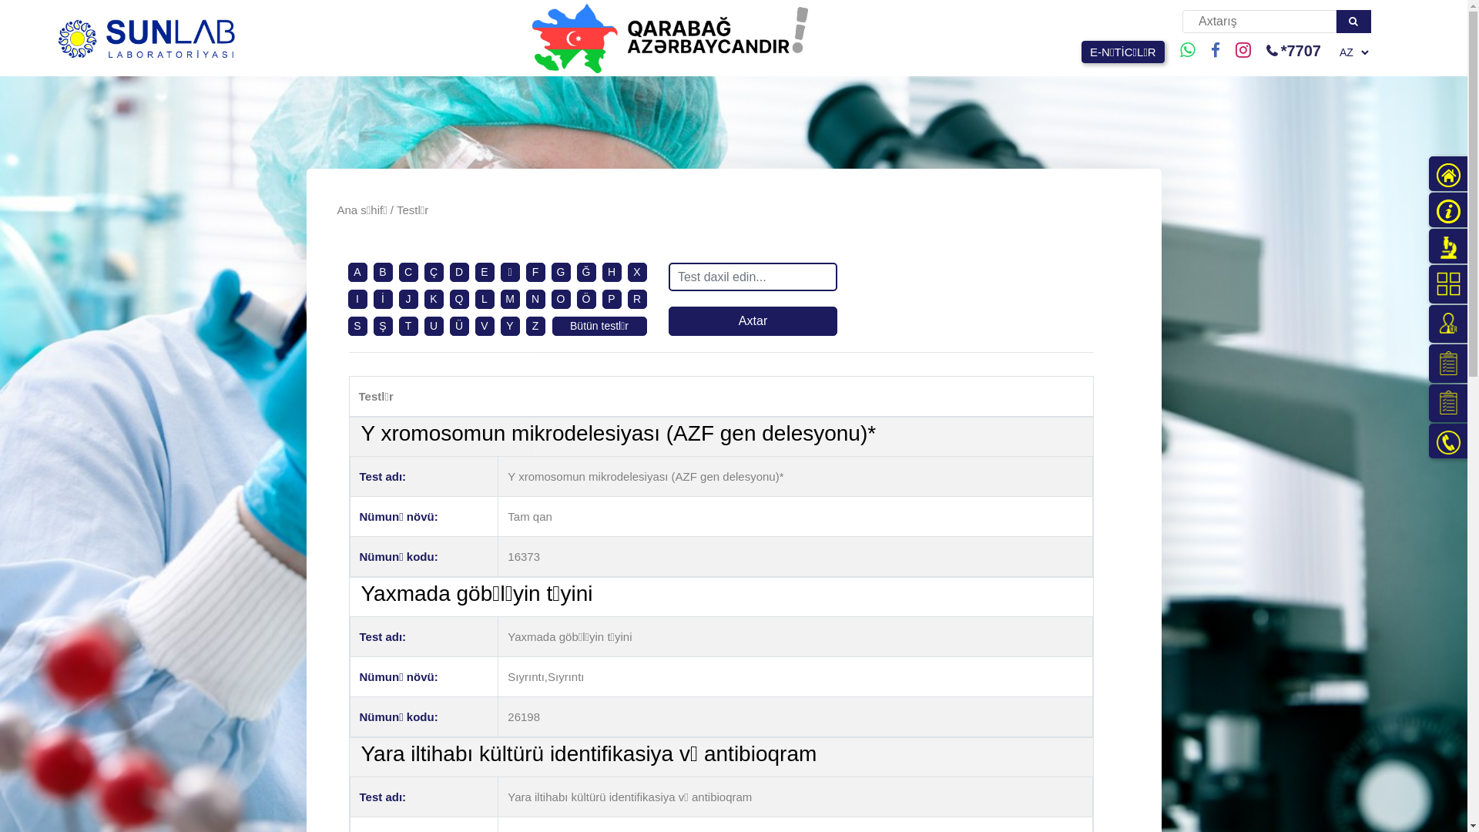 This screenshot has height=832, width=1479. What do you see at coordinates (632, 271) in the screenshot?
I see `'X'` at bounding box center [632, 271].